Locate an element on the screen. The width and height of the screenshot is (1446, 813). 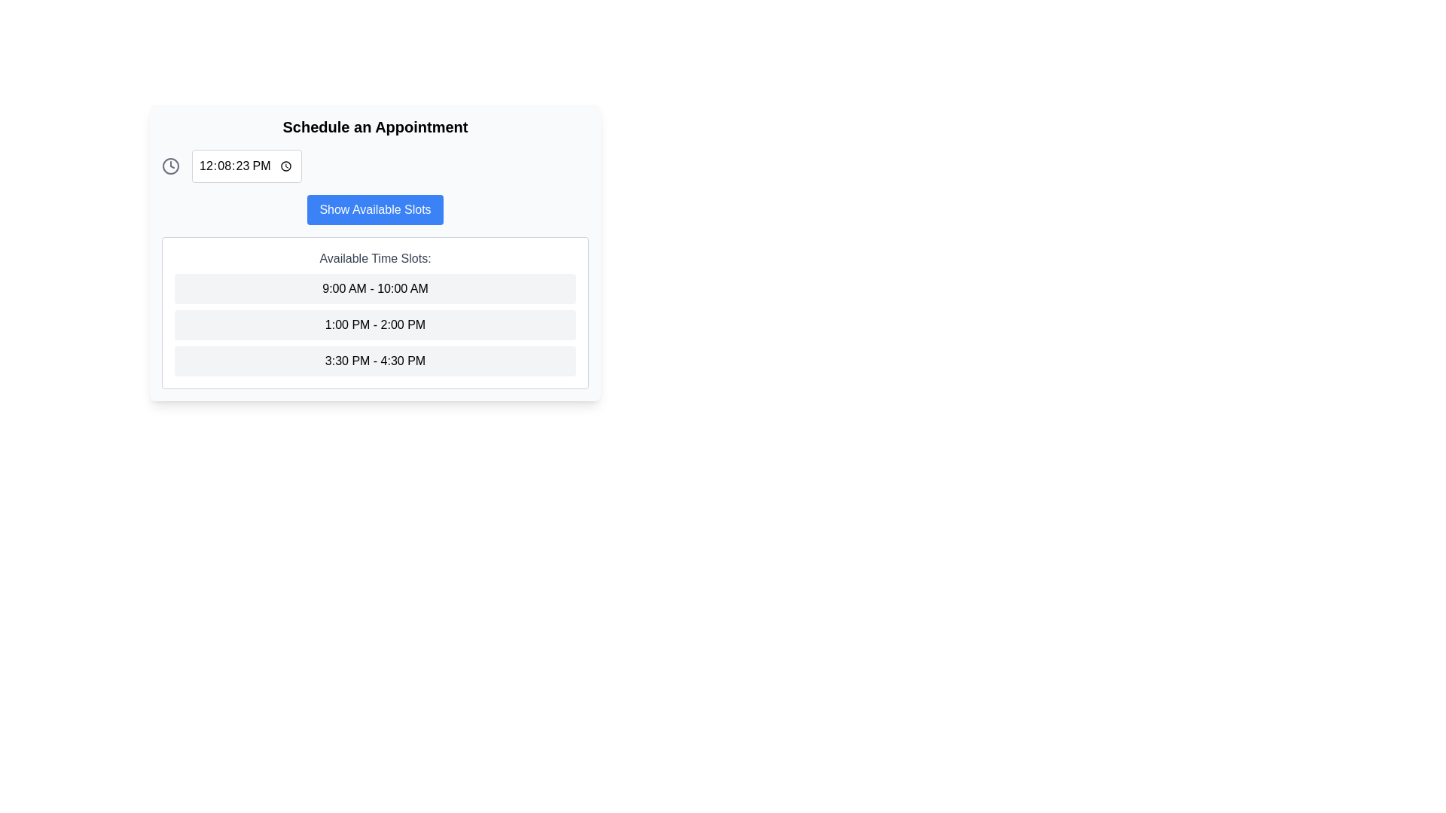
the time input field located under the 'Schedule an Appointment' heading is located at coordinates (246, 166).